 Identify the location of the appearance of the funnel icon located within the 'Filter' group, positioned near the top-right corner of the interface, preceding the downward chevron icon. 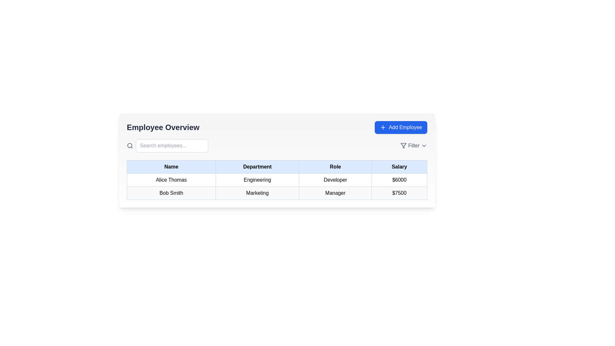
(403, 146).